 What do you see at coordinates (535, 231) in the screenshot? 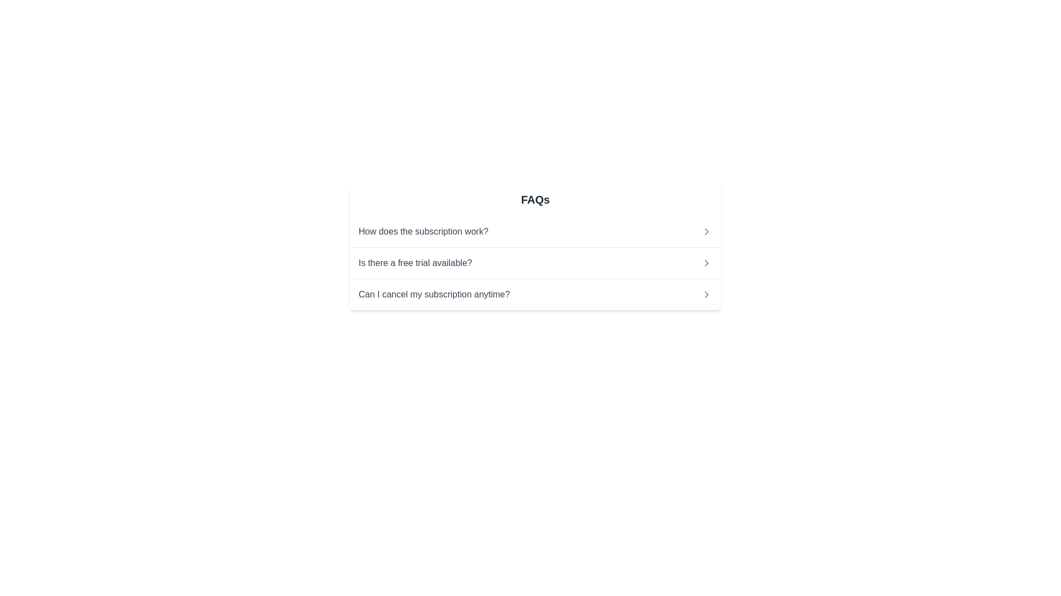
I see `the first row of the FAQs section labeled 'How does the subscription work?'` at bounding box center [535, 231].